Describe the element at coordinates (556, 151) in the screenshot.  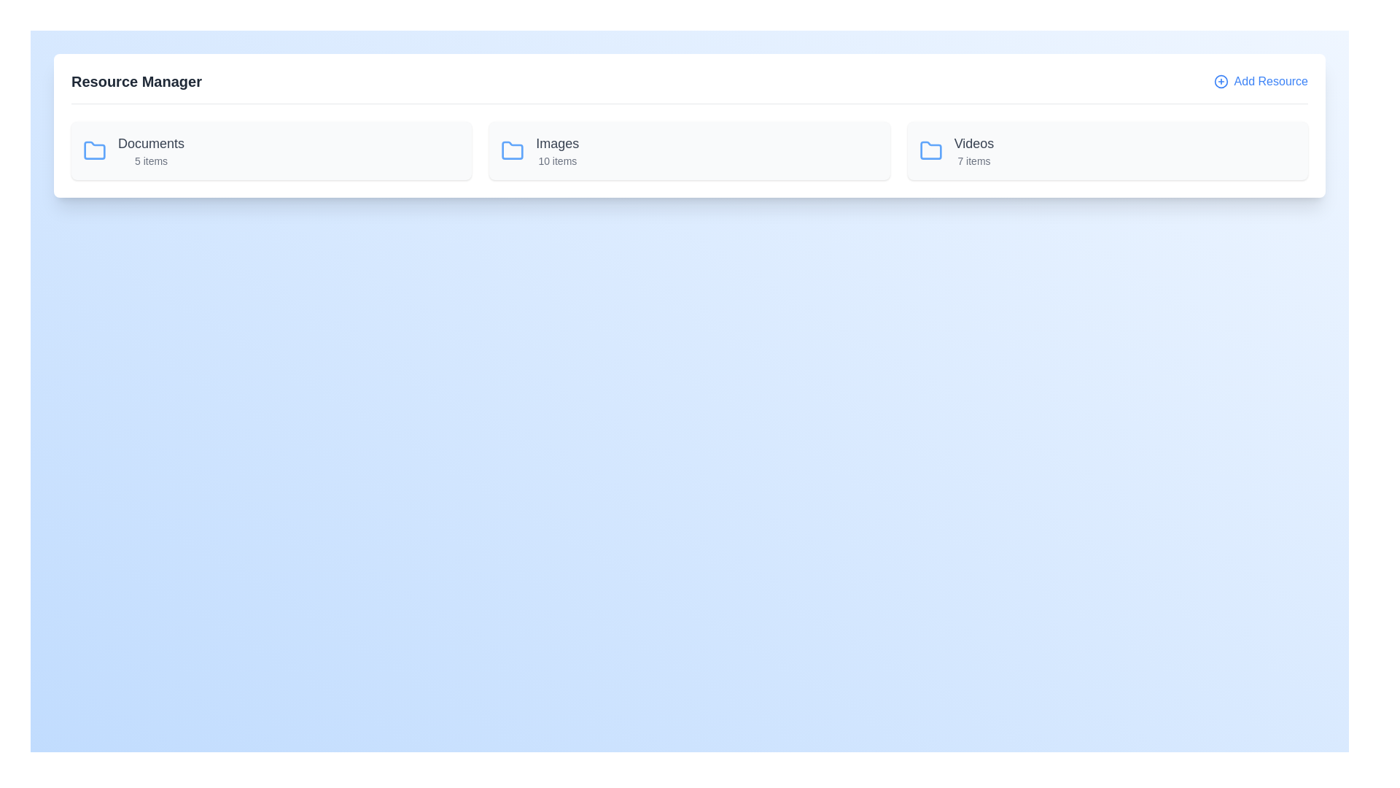
I see `text content from the Text block displaying 'Images' and '10 items', located in the center of the main layout panel, between the 'Documents' and 'Videos' sections` at that location.